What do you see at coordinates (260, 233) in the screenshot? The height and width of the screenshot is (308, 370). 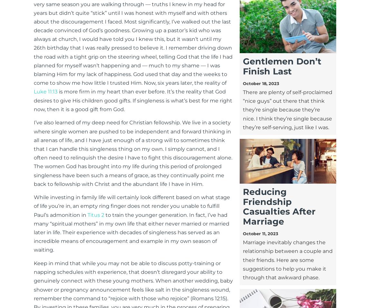 I see `'October 11, 2023'` at bounding box center [260, 233].